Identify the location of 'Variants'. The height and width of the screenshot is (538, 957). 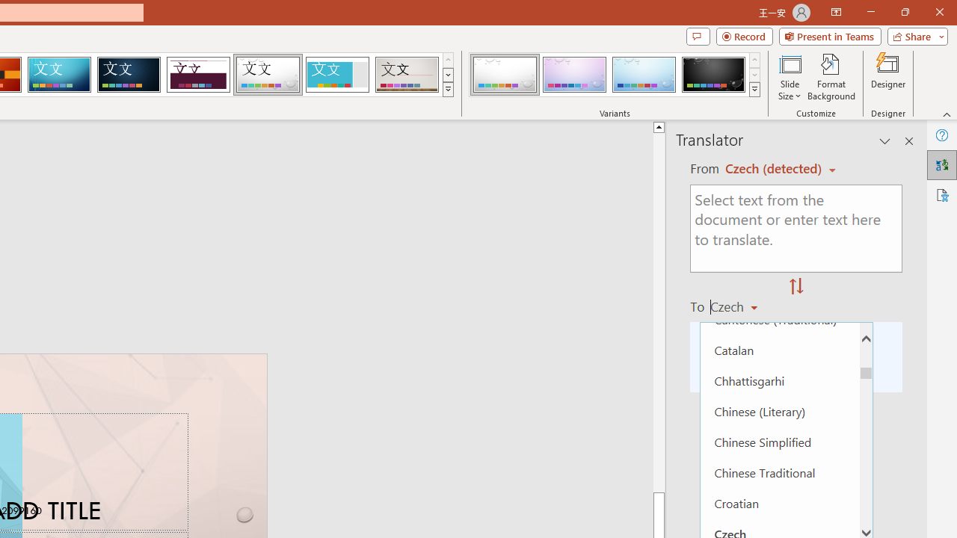
(754, 90).